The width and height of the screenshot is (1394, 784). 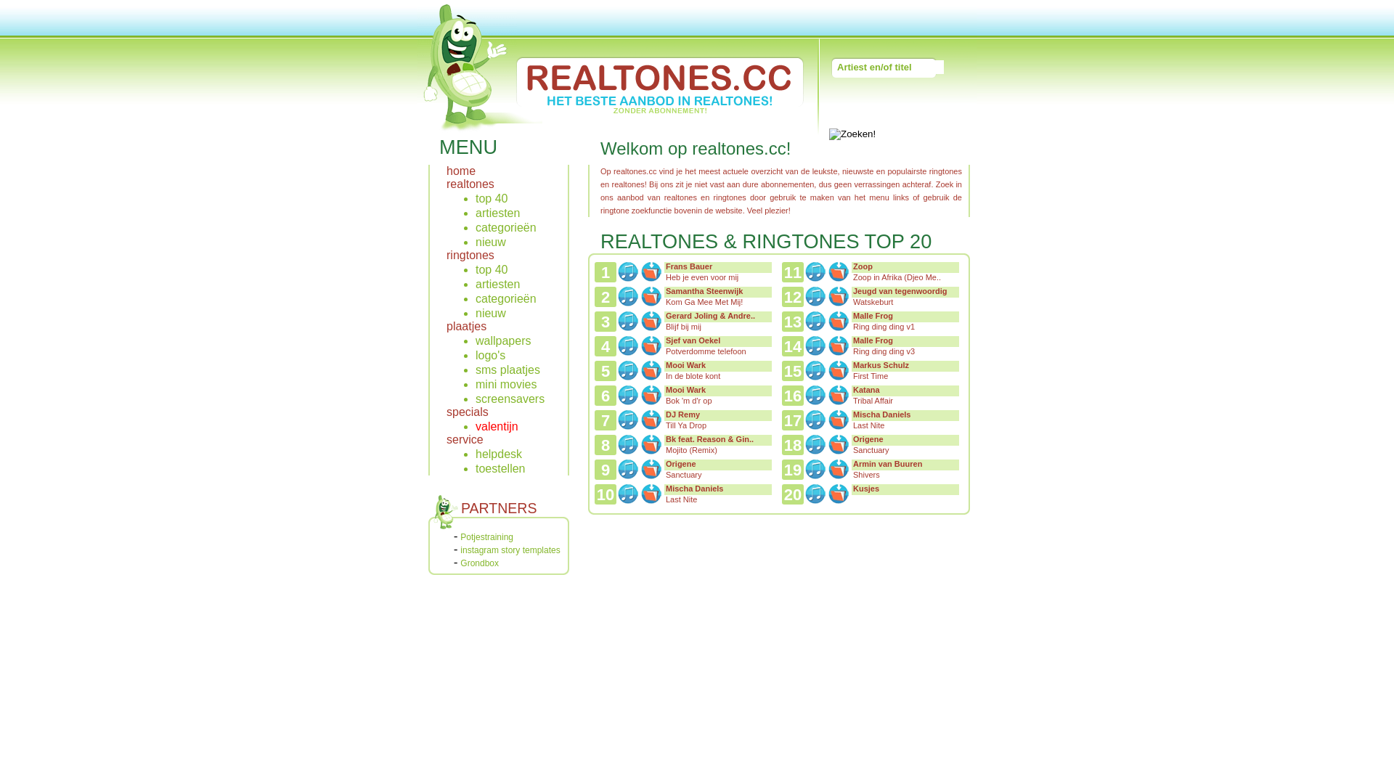 What do you see at coordinates (664, 291) in the screenshot?
I see `'Samantha Steenwijk'` at bounding box center [664, 291].